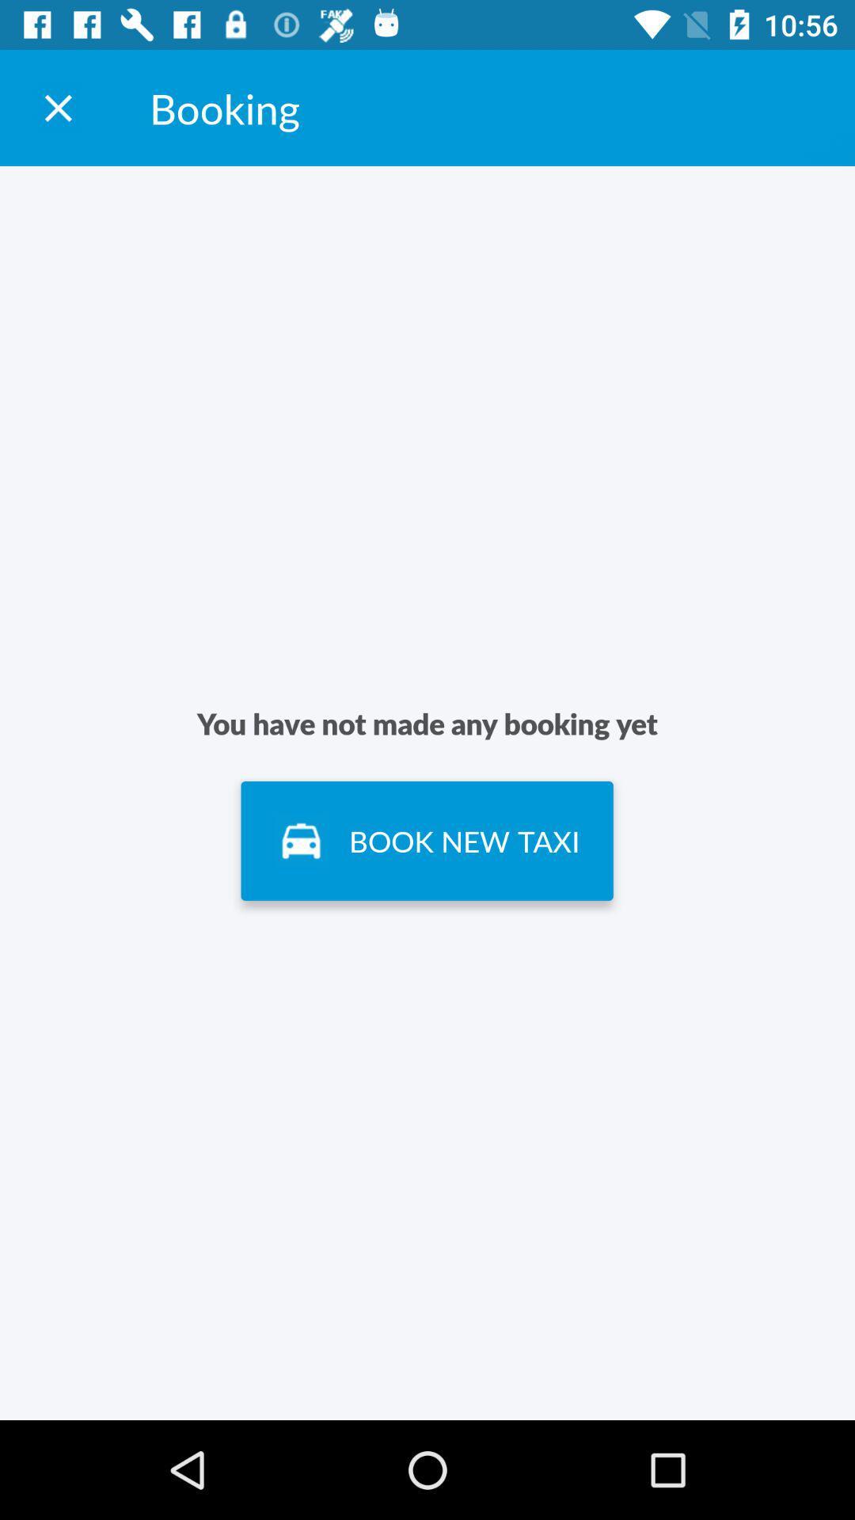 This screenshot has height=1520, width=855. Describe the element at coordinates (57, 107) in the screenshot. I see `exit` at that location.